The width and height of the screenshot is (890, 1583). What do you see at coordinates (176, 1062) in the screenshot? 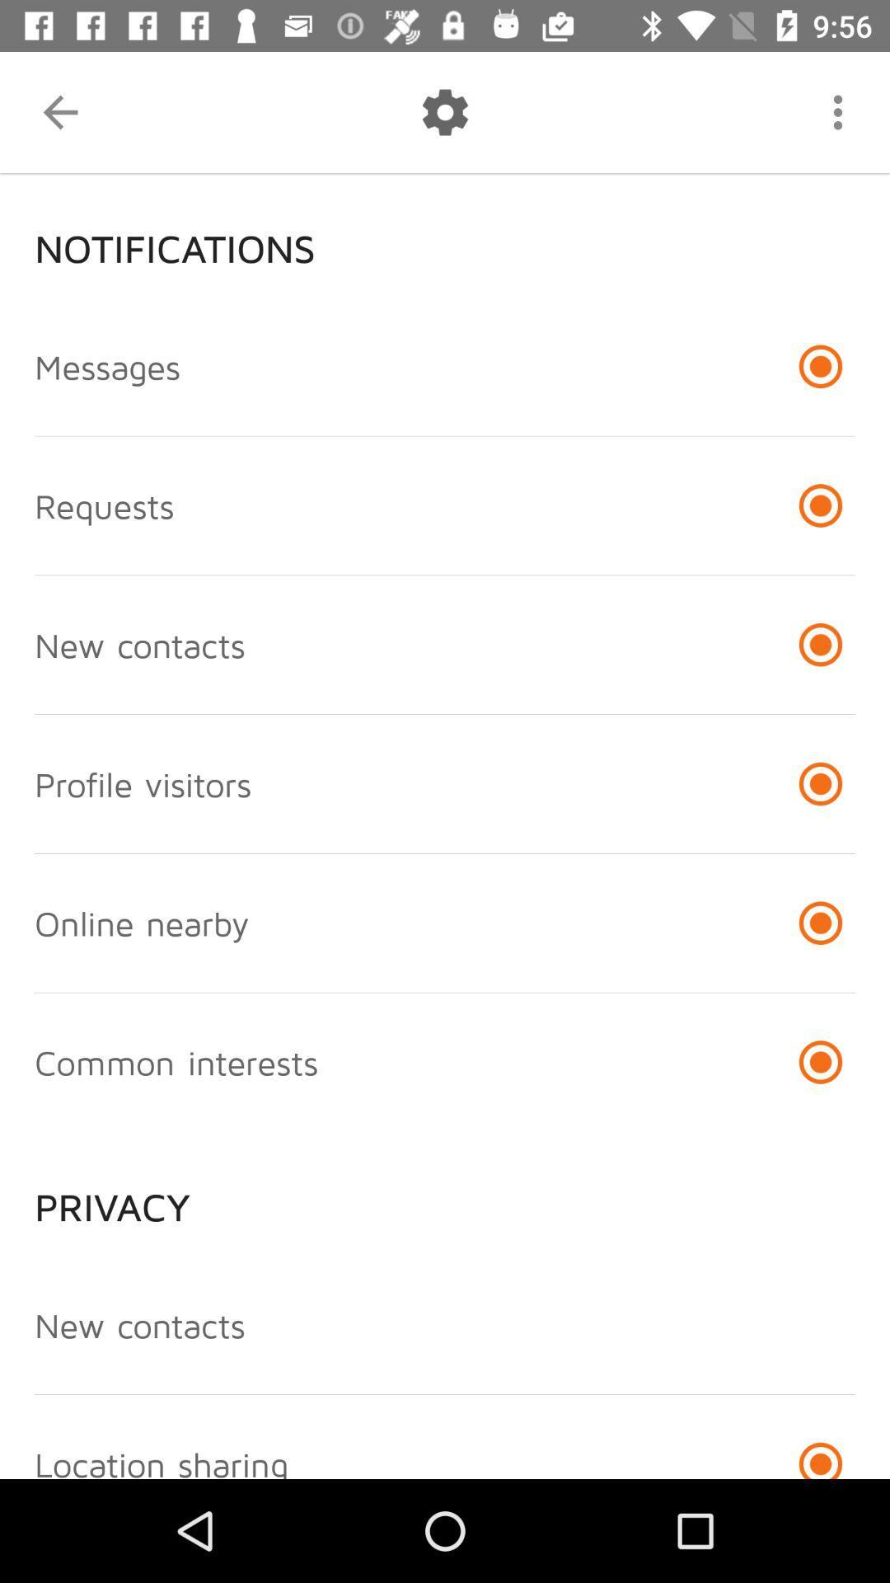
I see `the item above privacy icon` at bounding box center [176, 1062].